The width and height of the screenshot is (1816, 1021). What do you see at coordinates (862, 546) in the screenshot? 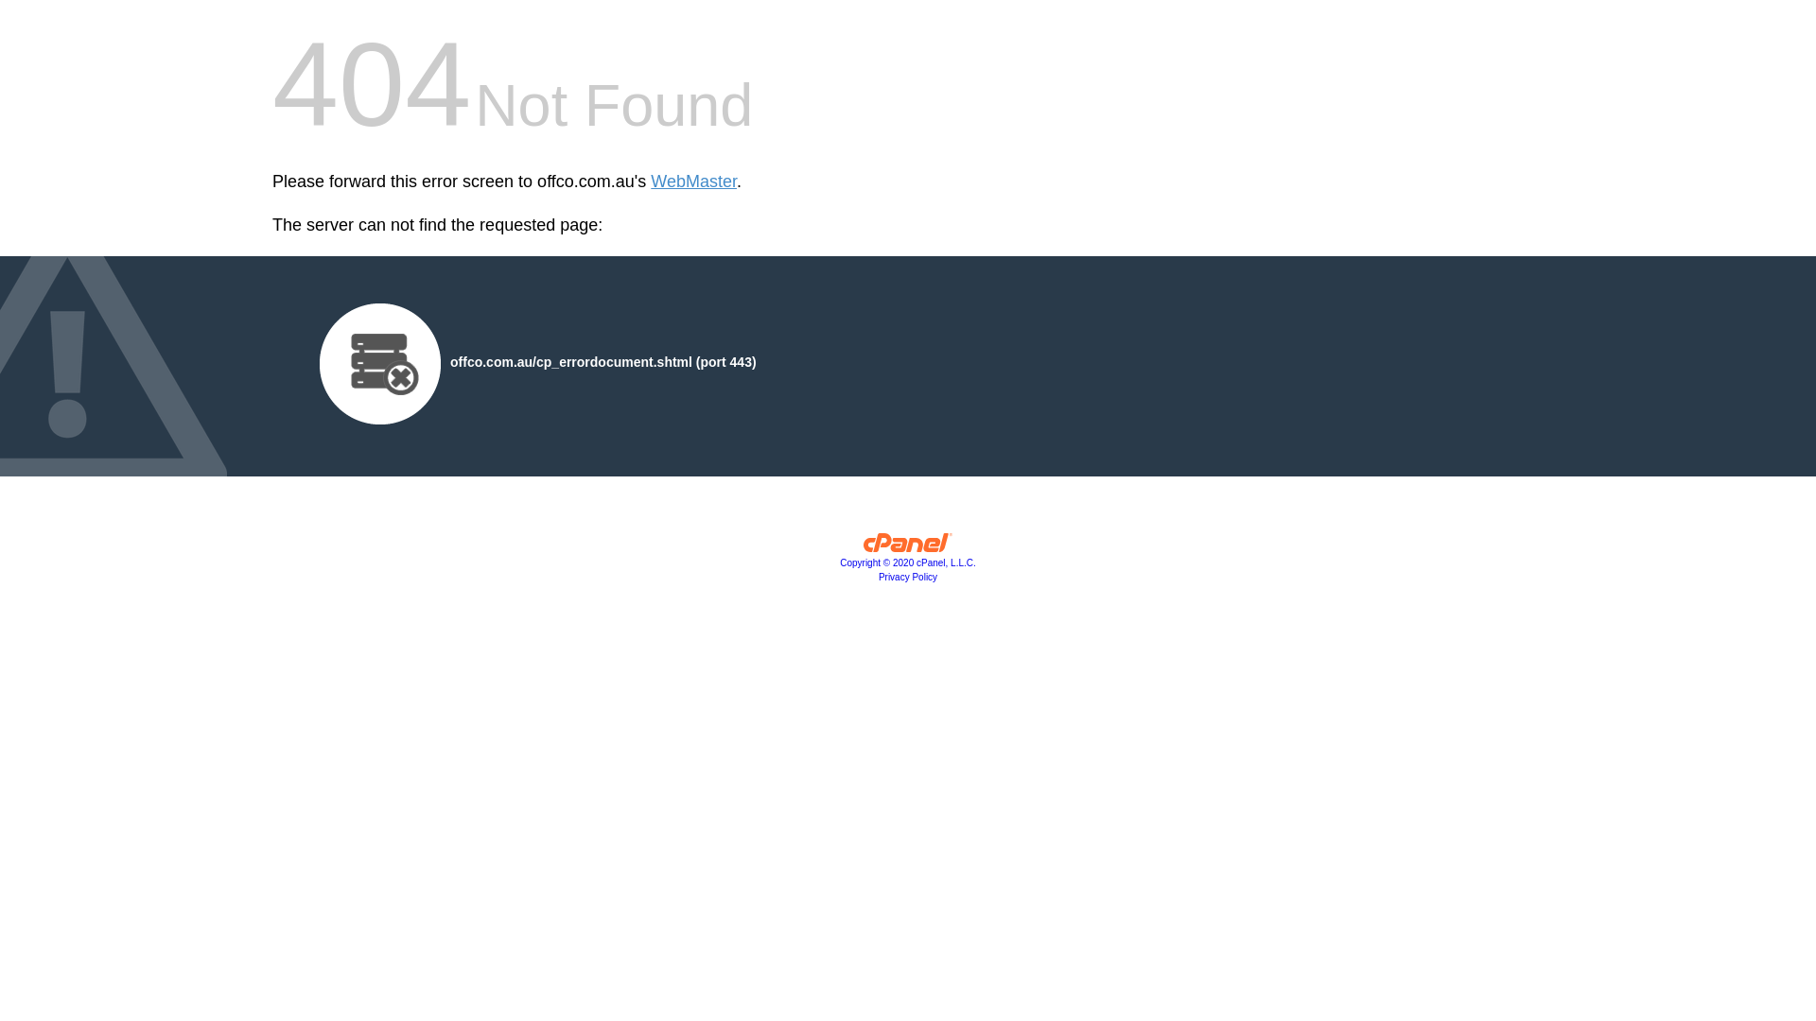
I see `'cPanel, Inc.'` at bounding box center [862, 546].